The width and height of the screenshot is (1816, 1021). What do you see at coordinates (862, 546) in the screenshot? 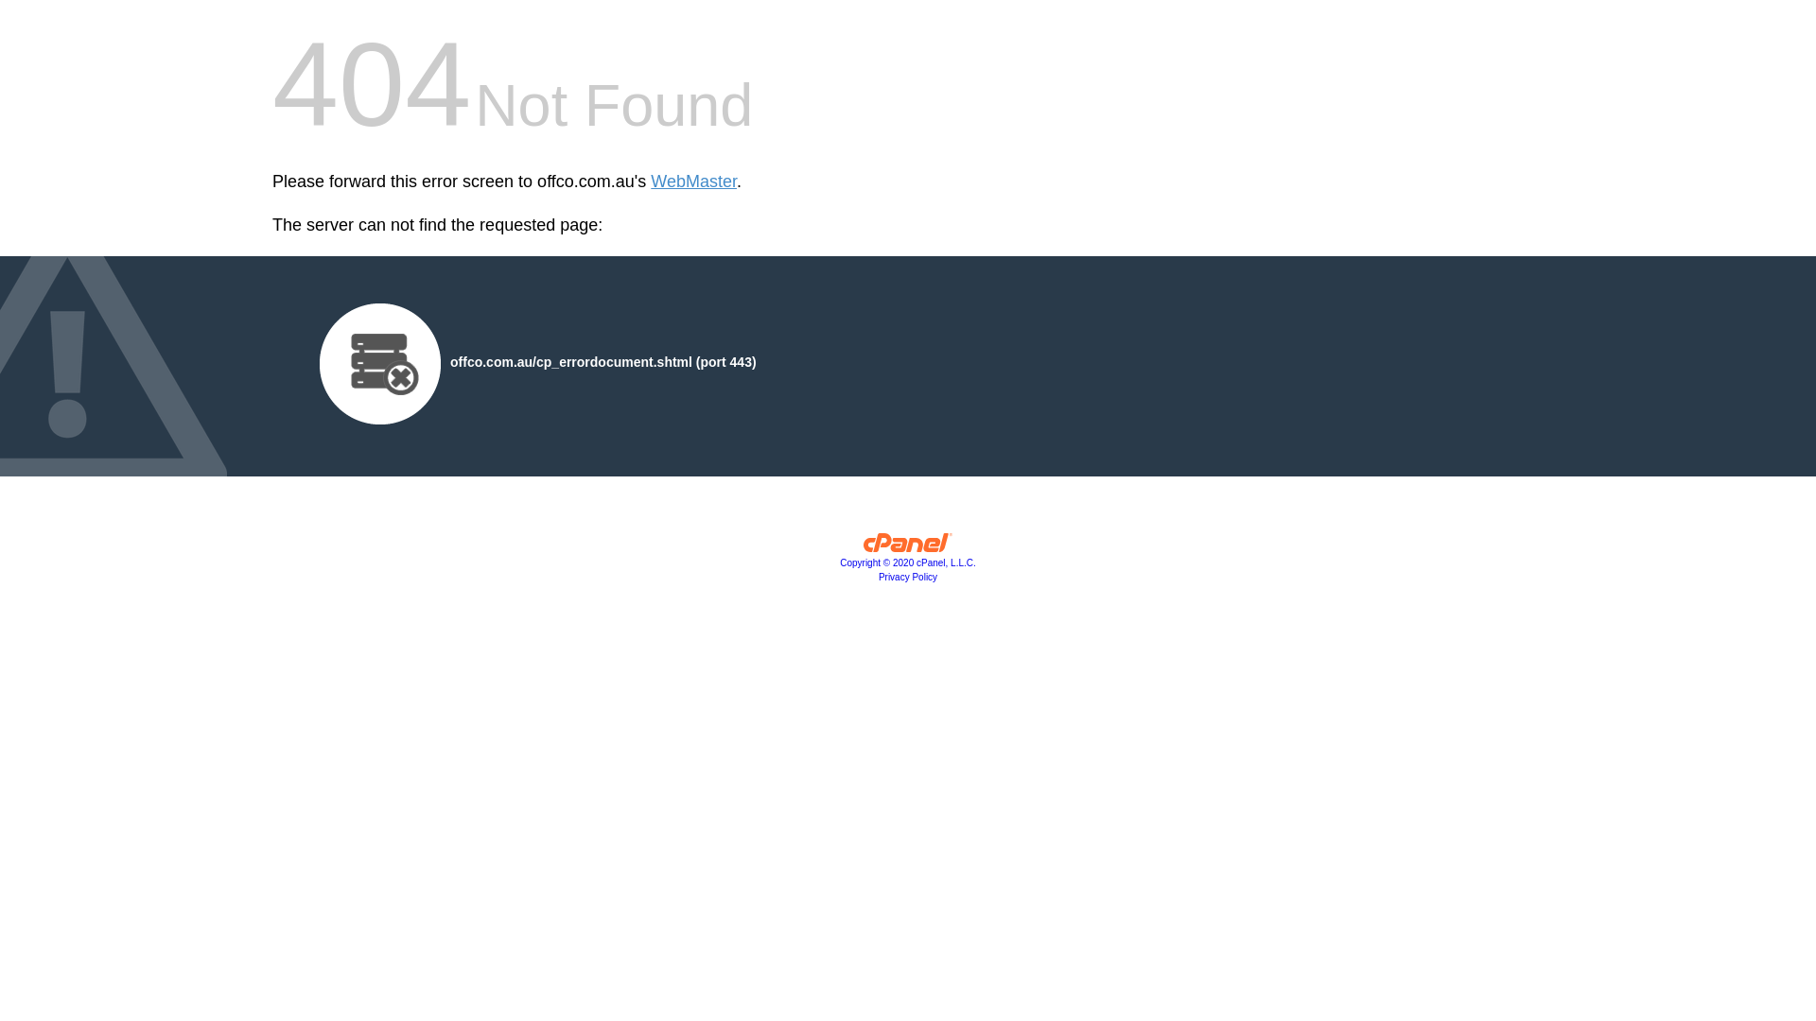
I see `'cPanel, Inc.'` at bounding box center [862, 546].